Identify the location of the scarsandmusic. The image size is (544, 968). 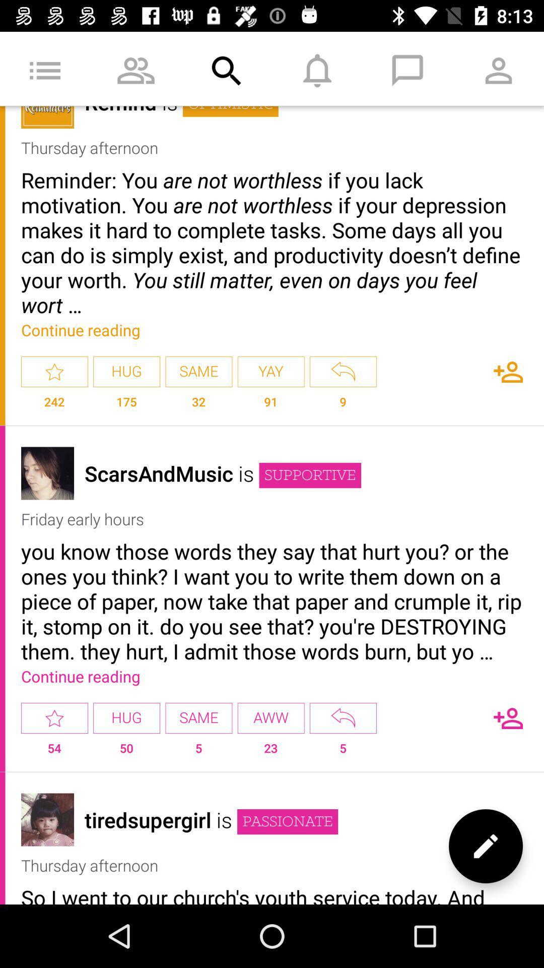
(159, 473).